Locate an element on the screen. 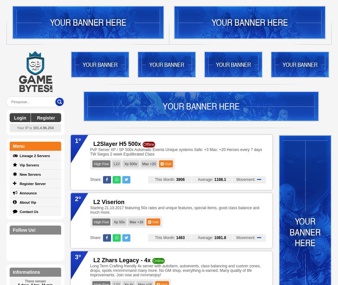 Image resolution: width=338 pixels, height=285 pixels. '101.4.96.254' is located at coordinates (42, 128).